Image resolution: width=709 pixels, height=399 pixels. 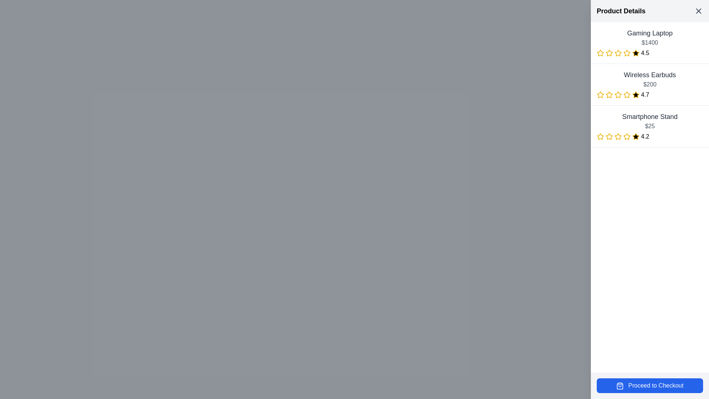 I want to click on the text display showing the average user rating for the product 'Smartphone Stand', which is located to the right of the star icons and below the price, so click(x=645, y=137).